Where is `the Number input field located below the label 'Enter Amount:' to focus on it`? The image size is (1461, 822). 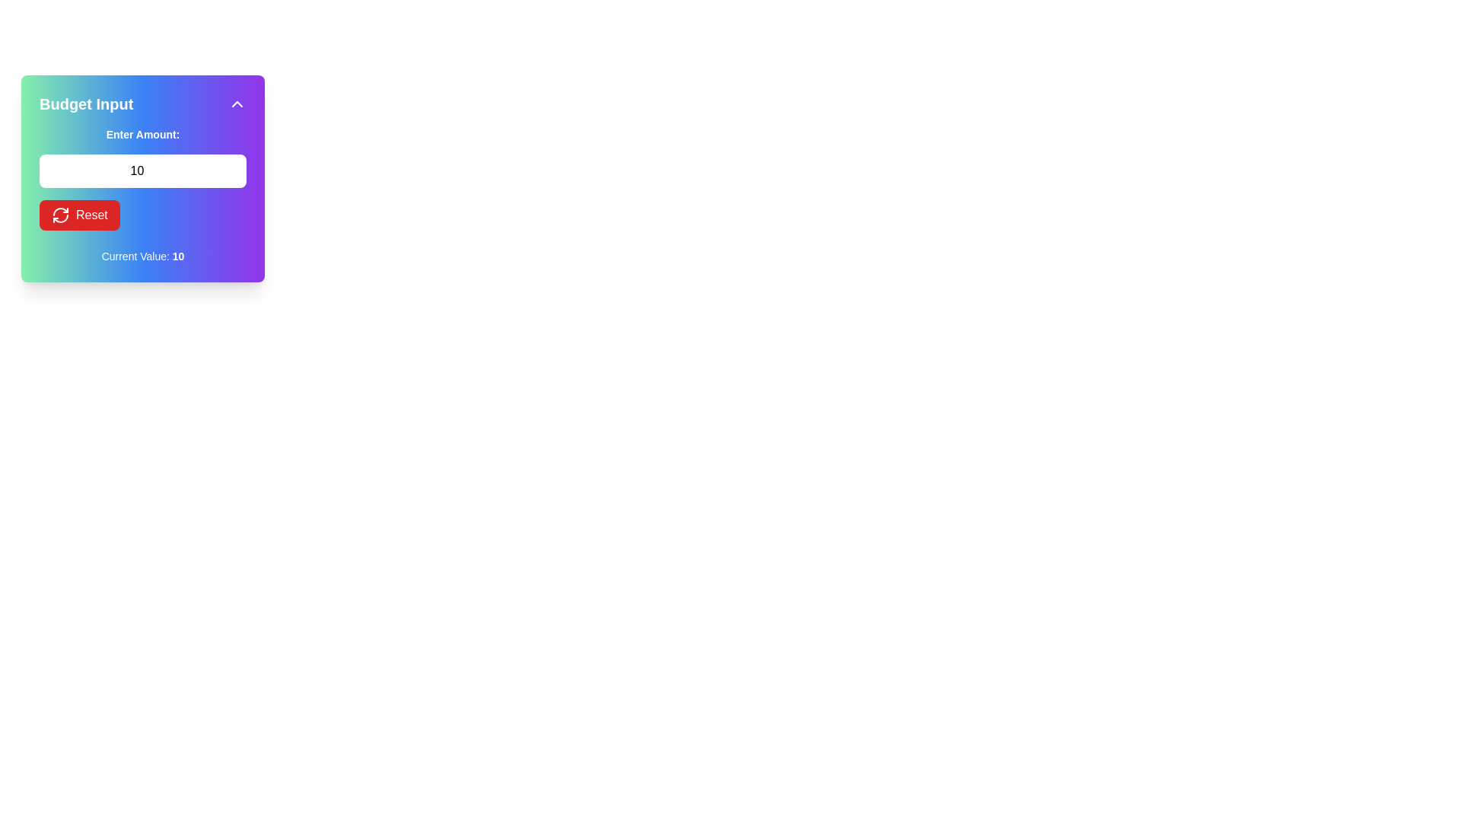 the Number input field located below the label 'Enter Amount:' to focus on it is located at coordinates (142, 170).